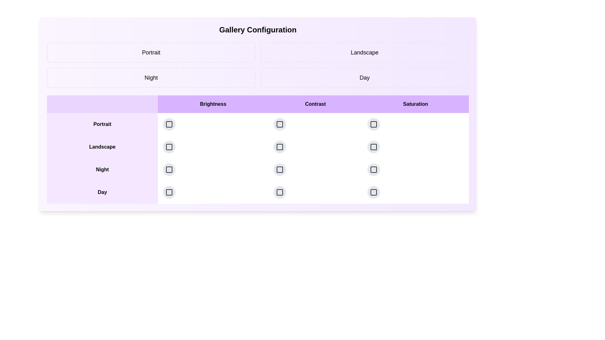 This screenshot has height=340, width=605. What do you see at coordinates (169, 169) in the screenshot?
I see `the checkbox styled with a thin black outline and a light gray background located under the 'Brightness' category in the third row next to the 'Night' label` at bounding box center [169, 169].